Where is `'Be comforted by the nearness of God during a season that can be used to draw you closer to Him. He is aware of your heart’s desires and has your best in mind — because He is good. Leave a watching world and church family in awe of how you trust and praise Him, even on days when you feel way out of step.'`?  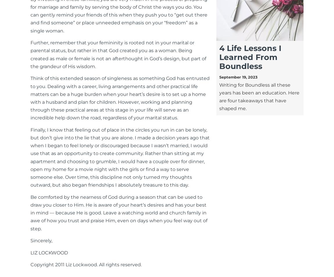
'Be comforted by the nearness of God during a season that can be used to draw you closer to Him. He is aware of your heart’s desires and has your best in mind — because He is good. Leave a watching world and church family in awe of how you trust and praise Him, even on days when you feel way out of step.' is located at coordinates (119, 212).